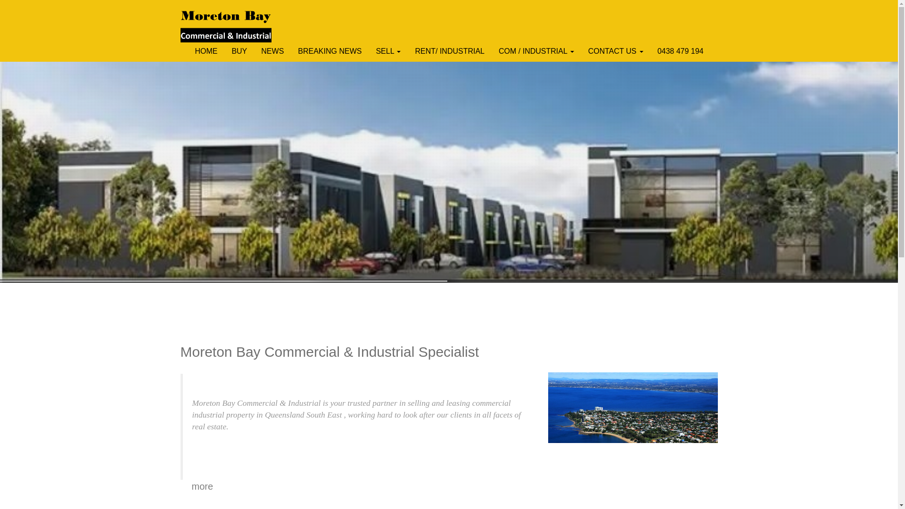  I want to click on 'NEWS', so click(271, 51).